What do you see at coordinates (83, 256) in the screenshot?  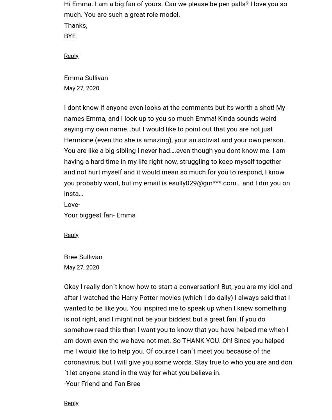 I see `'Bree Sullivan'` at bounding box center [83, 256].